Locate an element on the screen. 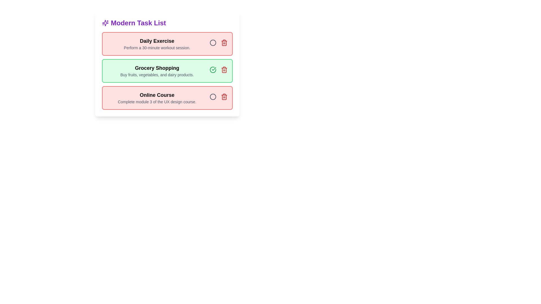  the task title or description to focus on reading its details is located at coordinates (157, 41).